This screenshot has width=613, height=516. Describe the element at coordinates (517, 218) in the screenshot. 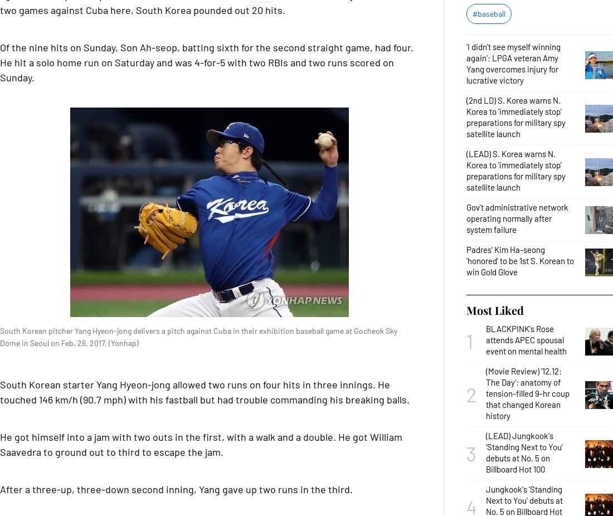

I see `'Gov't administrative network operating normally after system failure'` at that location.